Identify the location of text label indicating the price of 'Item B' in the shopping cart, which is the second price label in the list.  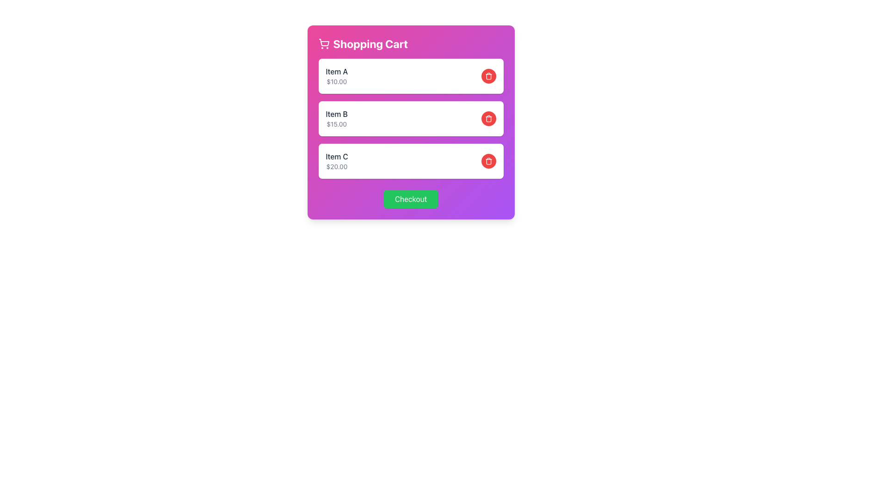
(336, 124).